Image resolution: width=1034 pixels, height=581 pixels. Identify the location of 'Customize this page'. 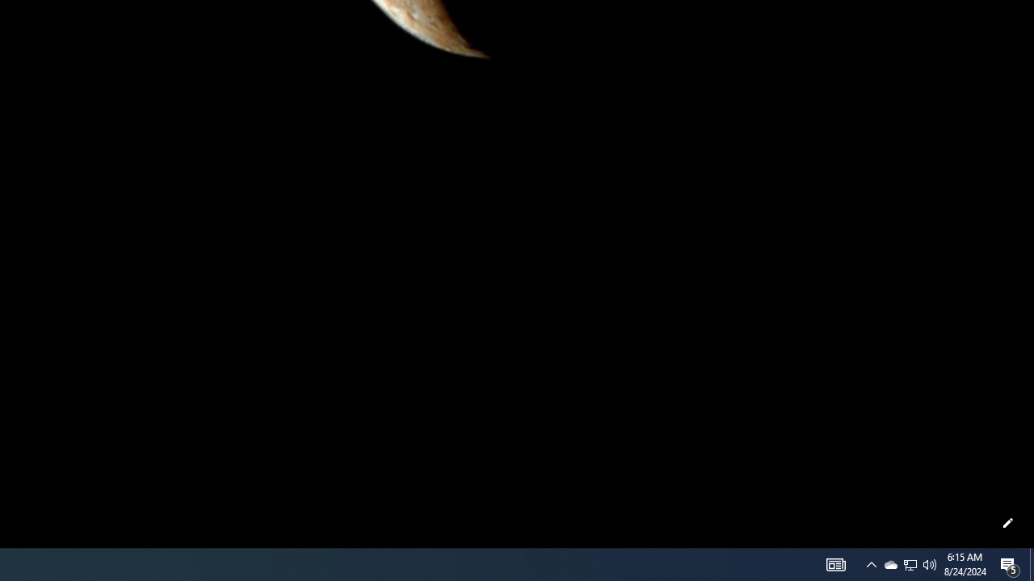
(1007, 523).